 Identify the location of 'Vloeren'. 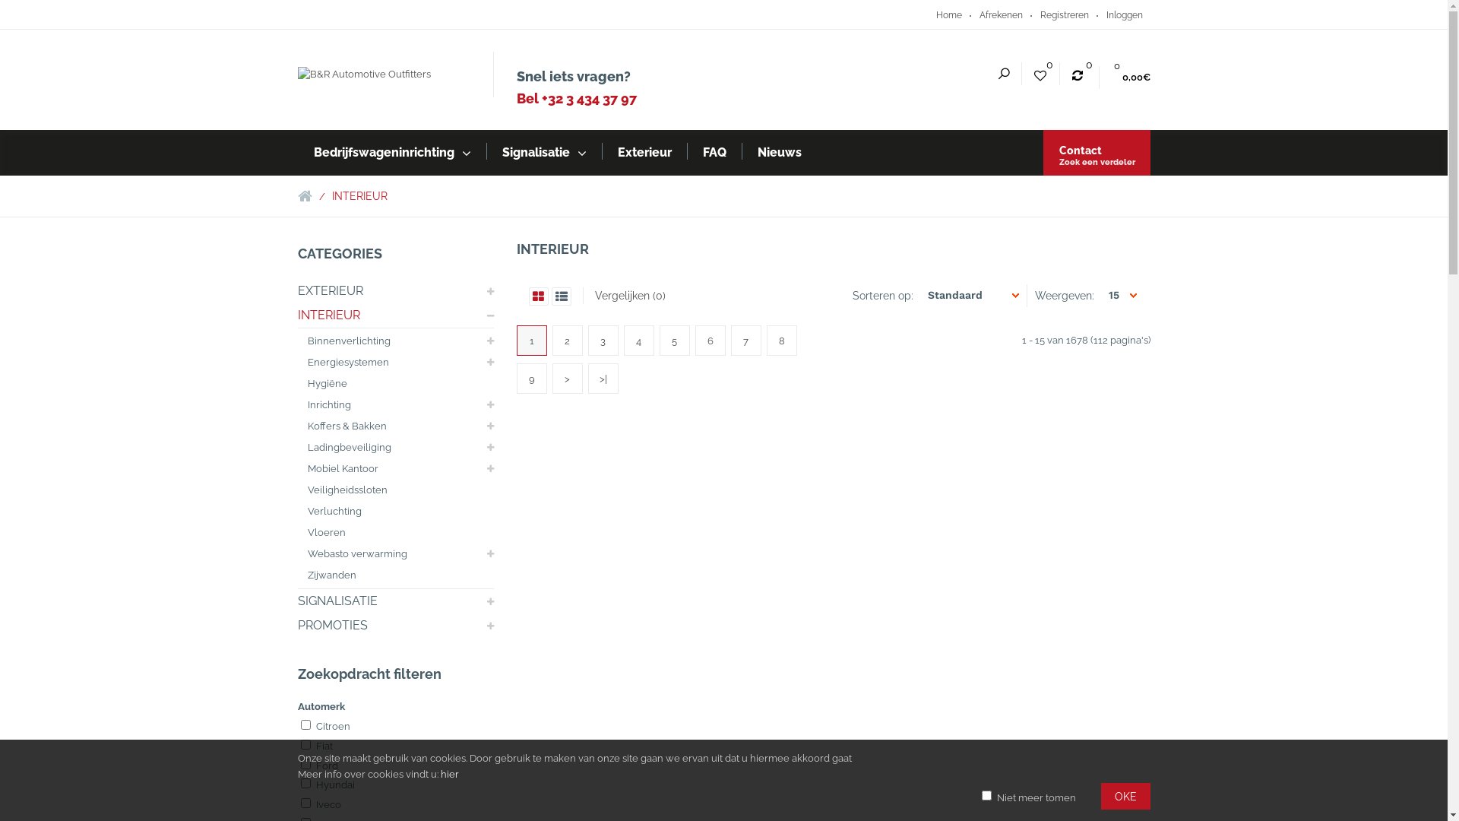
(324, 532).